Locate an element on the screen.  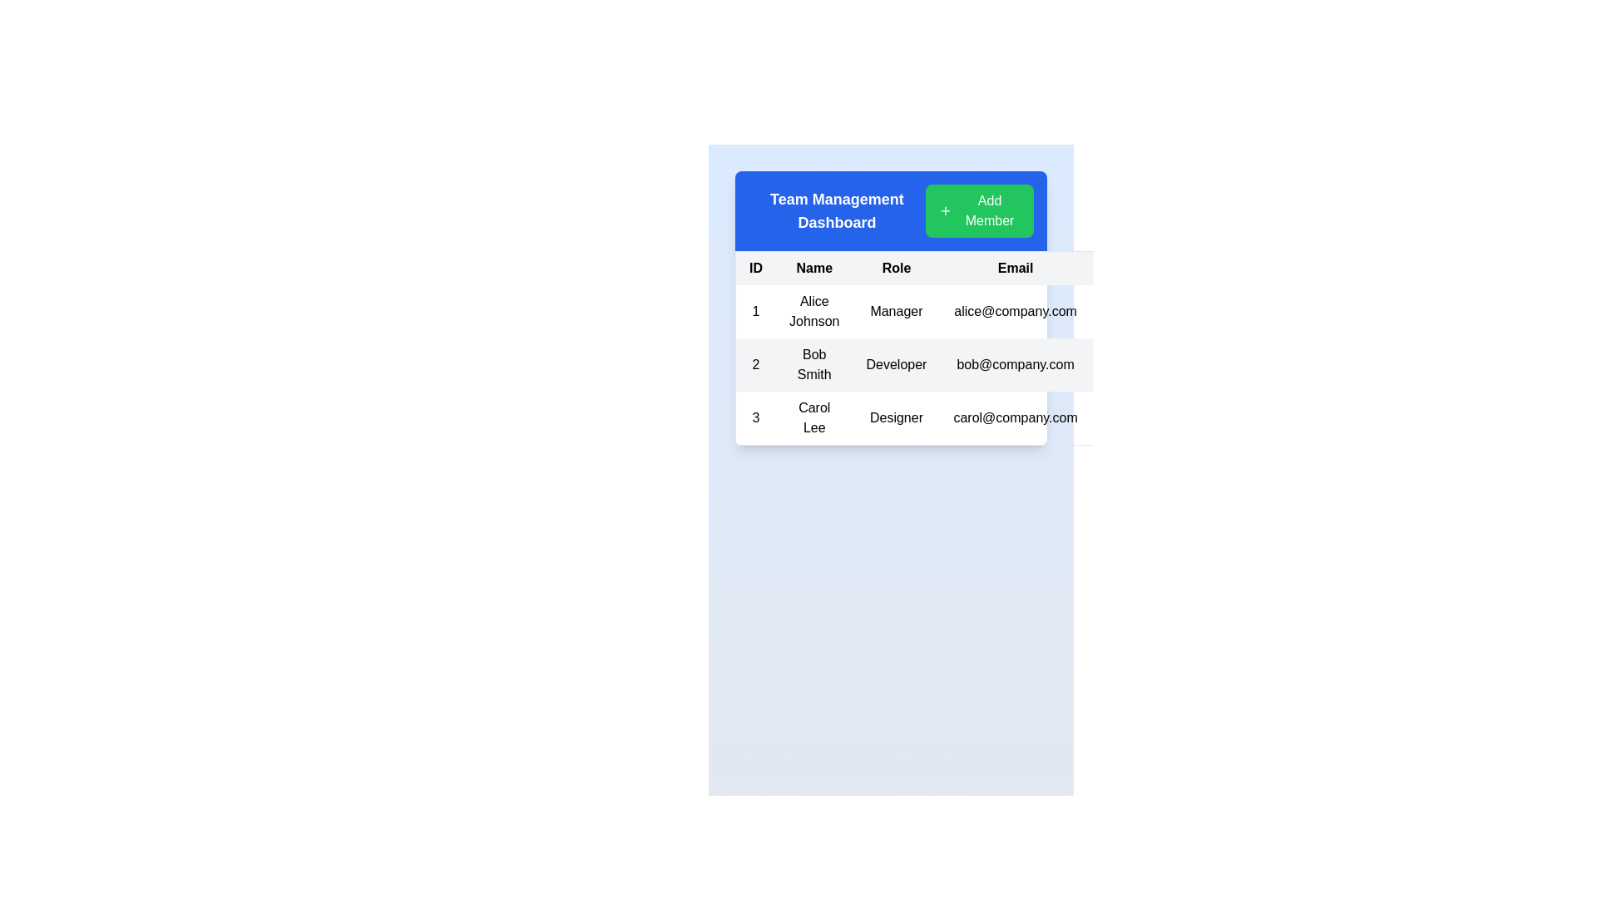
the table cell containing the text '1', which is the first column of the first data row under the 'ID' header is located at coordinates (754, 311).